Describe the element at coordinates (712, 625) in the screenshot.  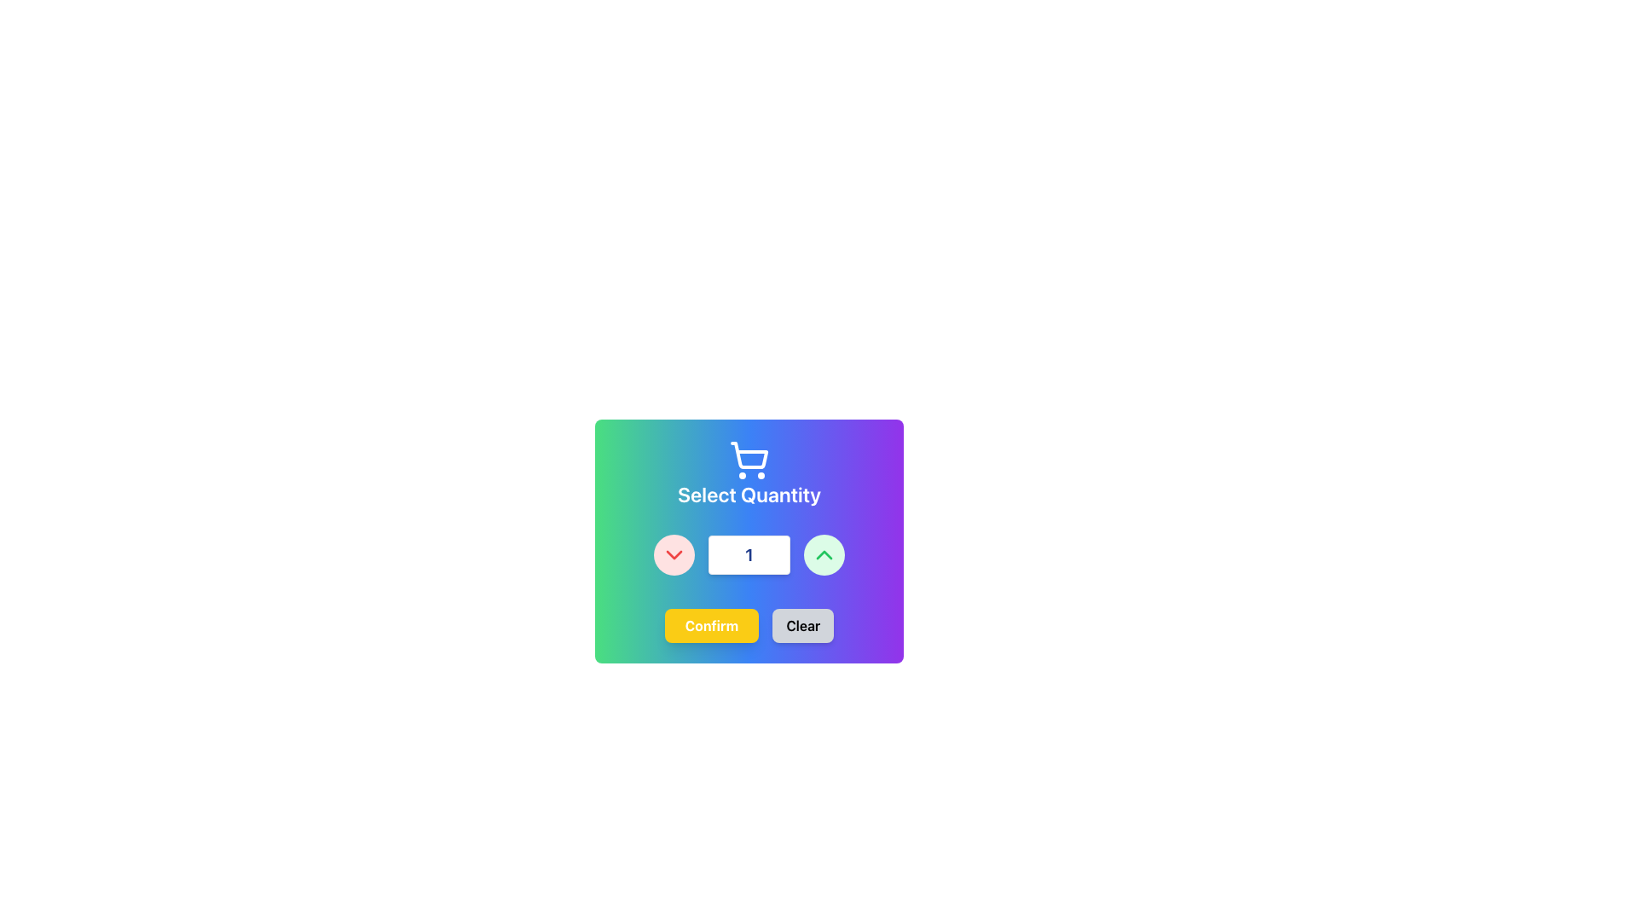
I see `the 'Confirm' button, which is a rectangular button with rounded corners, a yellow background, and bold white text, located at the bottom left of the button group` at that location.